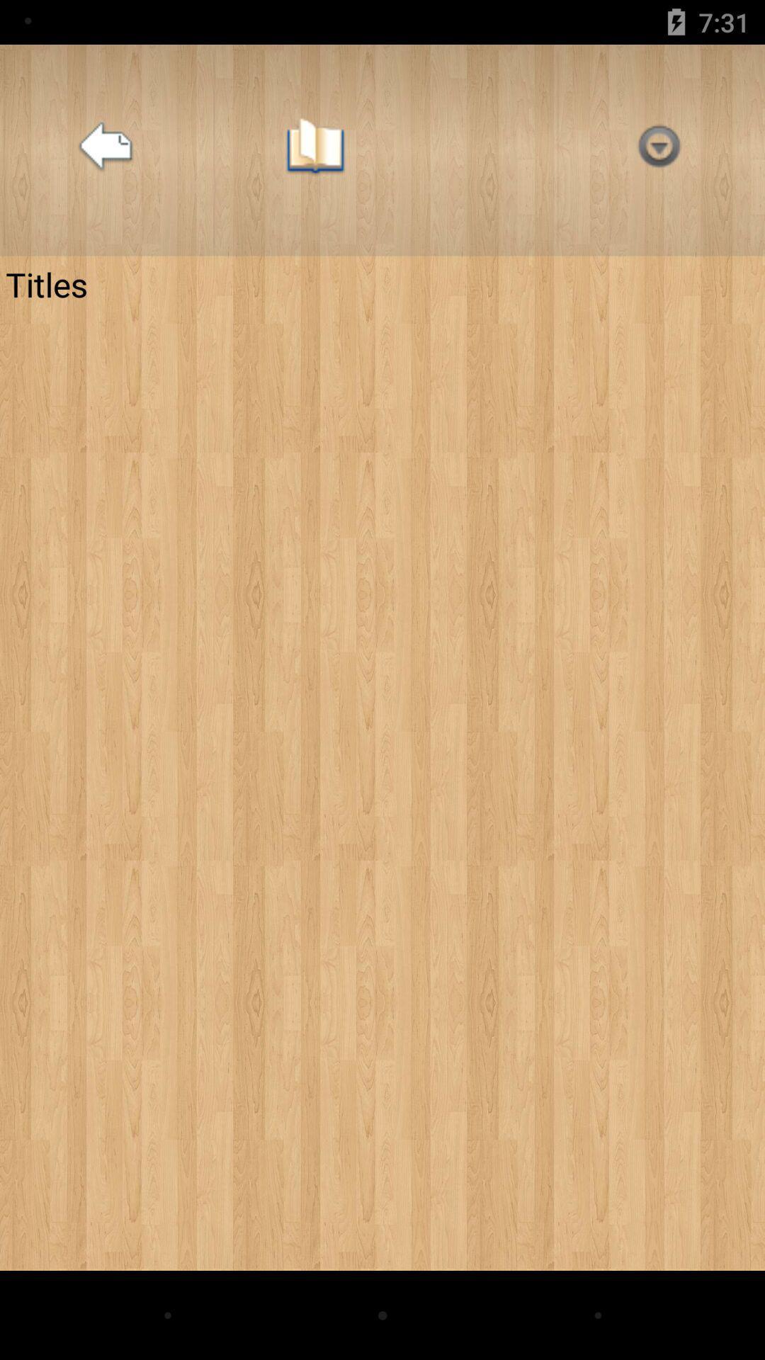  I want to click on the icon above titles icon, so click(105, 150).